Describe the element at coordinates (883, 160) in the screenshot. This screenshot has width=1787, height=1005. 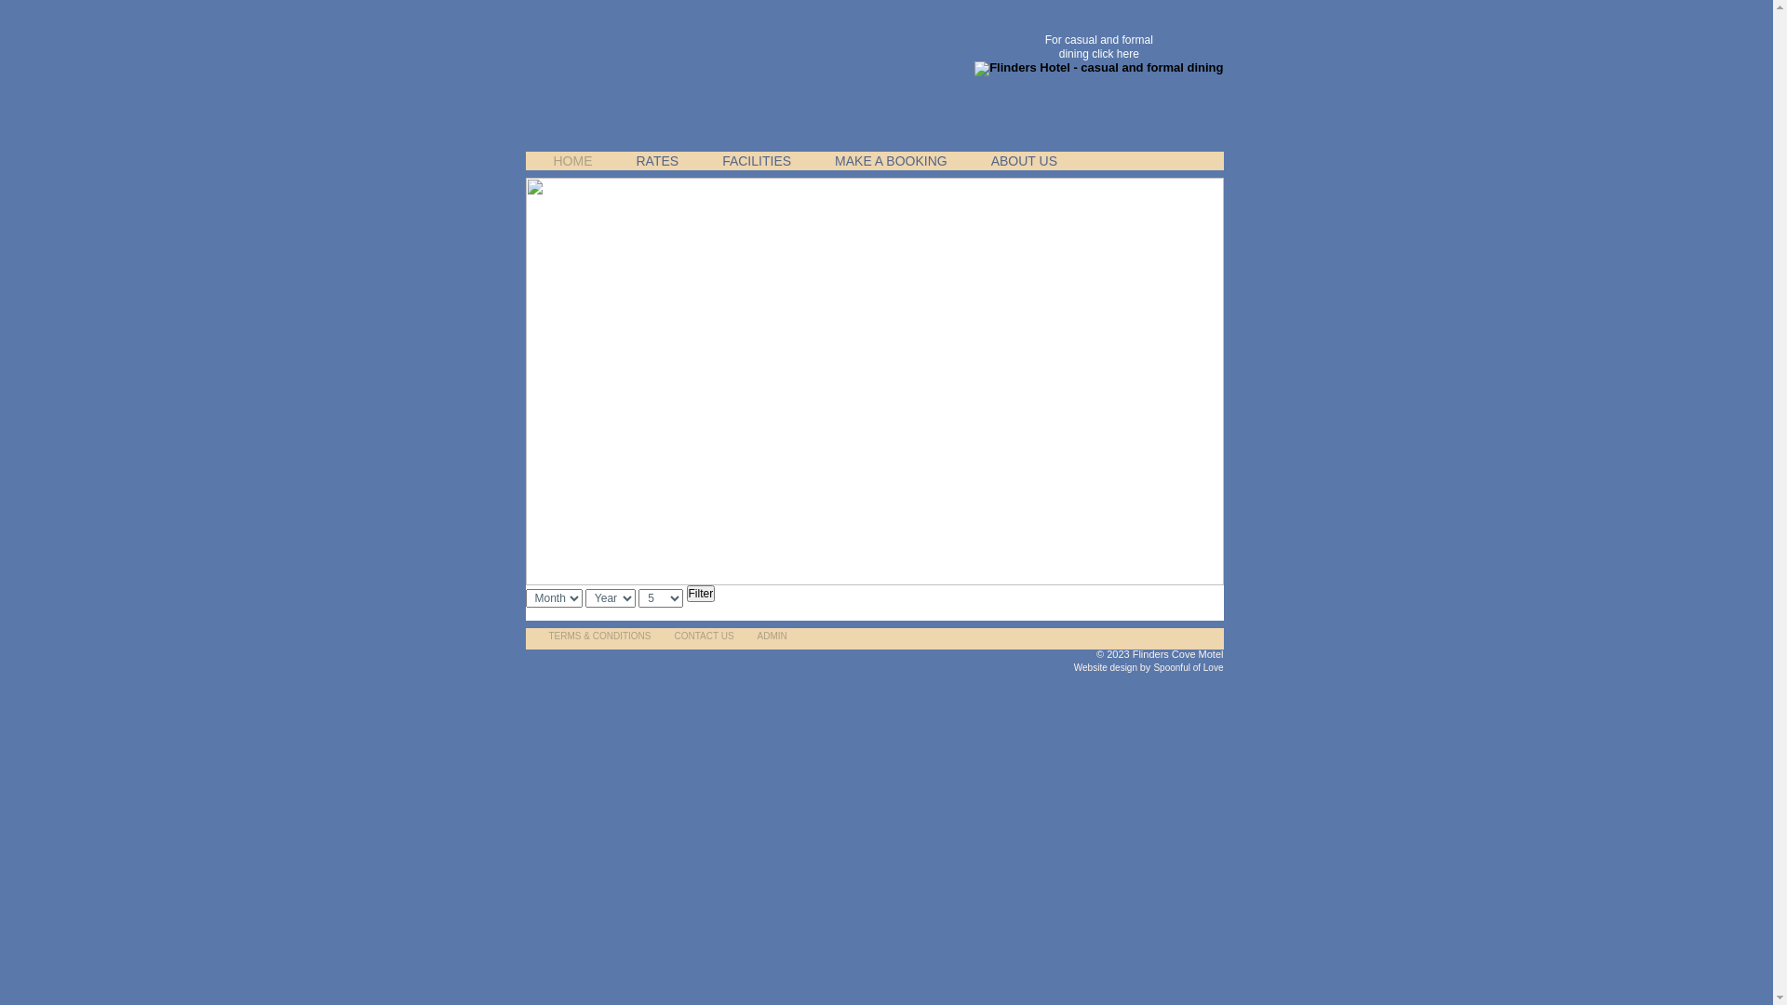
I see `'MAKE A BOOKING'` at that location.